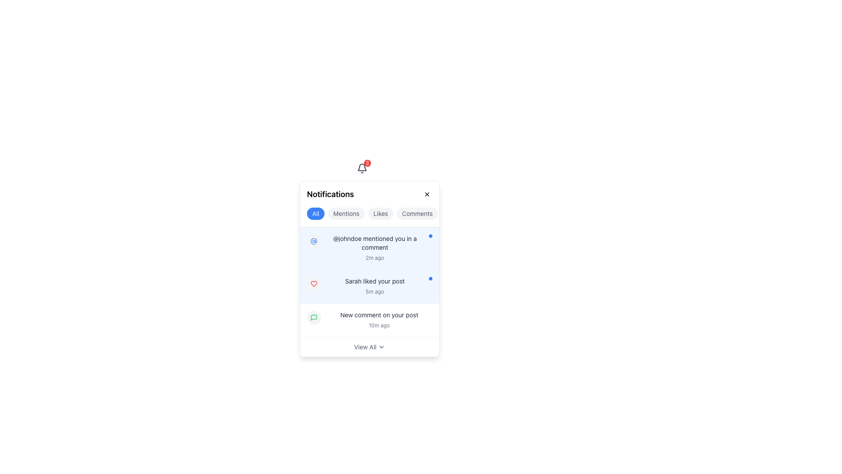  What do you see at coordinates (375, 248) in the screenshot?
I see `the notification alert indicating that '@johndoe' mentioned the user in a comment, which is the first entry in the notifications panel` at bounding box center [375, 248].